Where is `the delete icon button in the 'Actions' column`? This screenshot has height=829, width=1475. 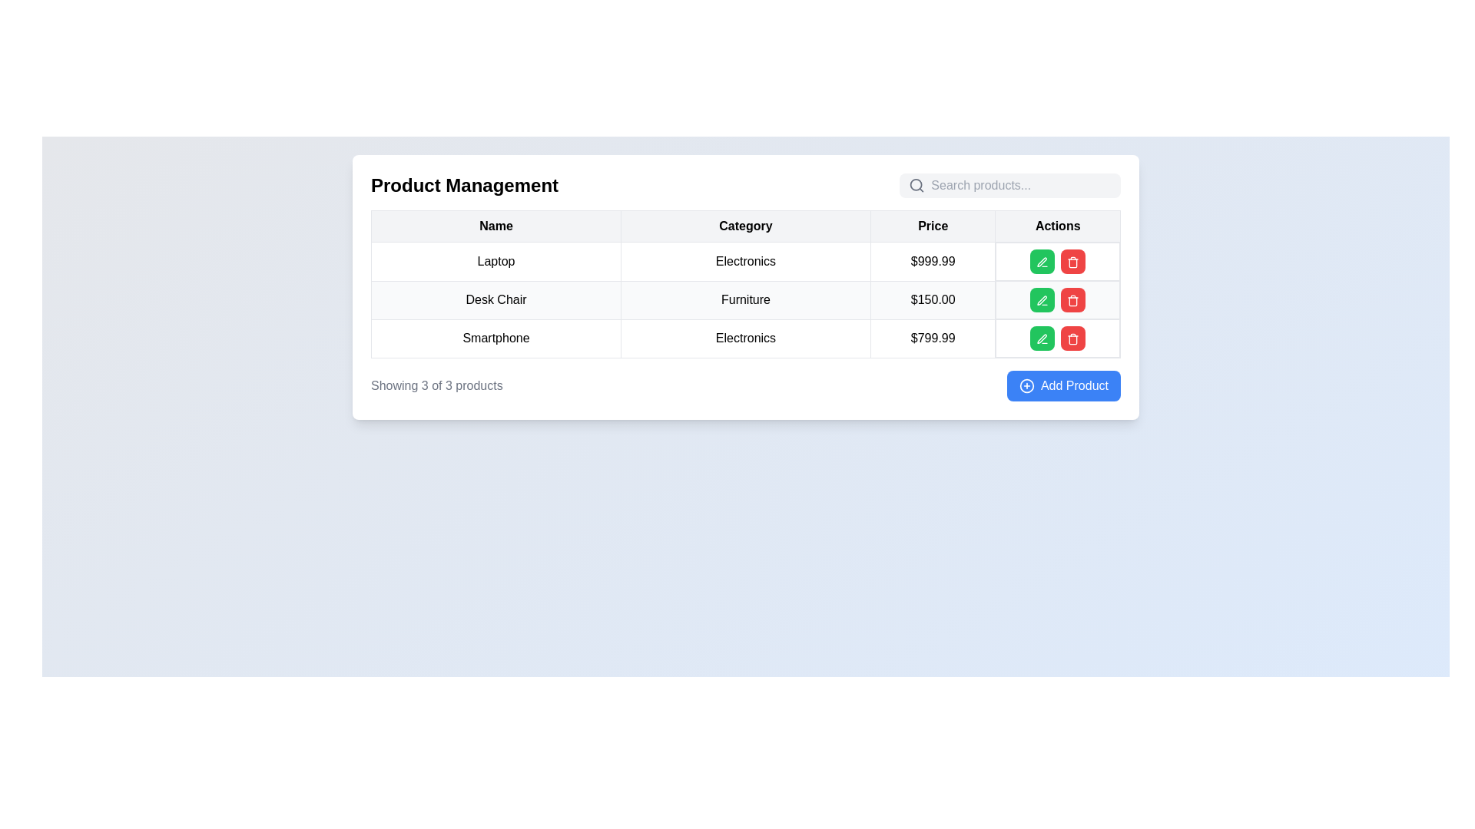
the delete icon button in the 'Actions' column is located at coordinates (1072, 300).